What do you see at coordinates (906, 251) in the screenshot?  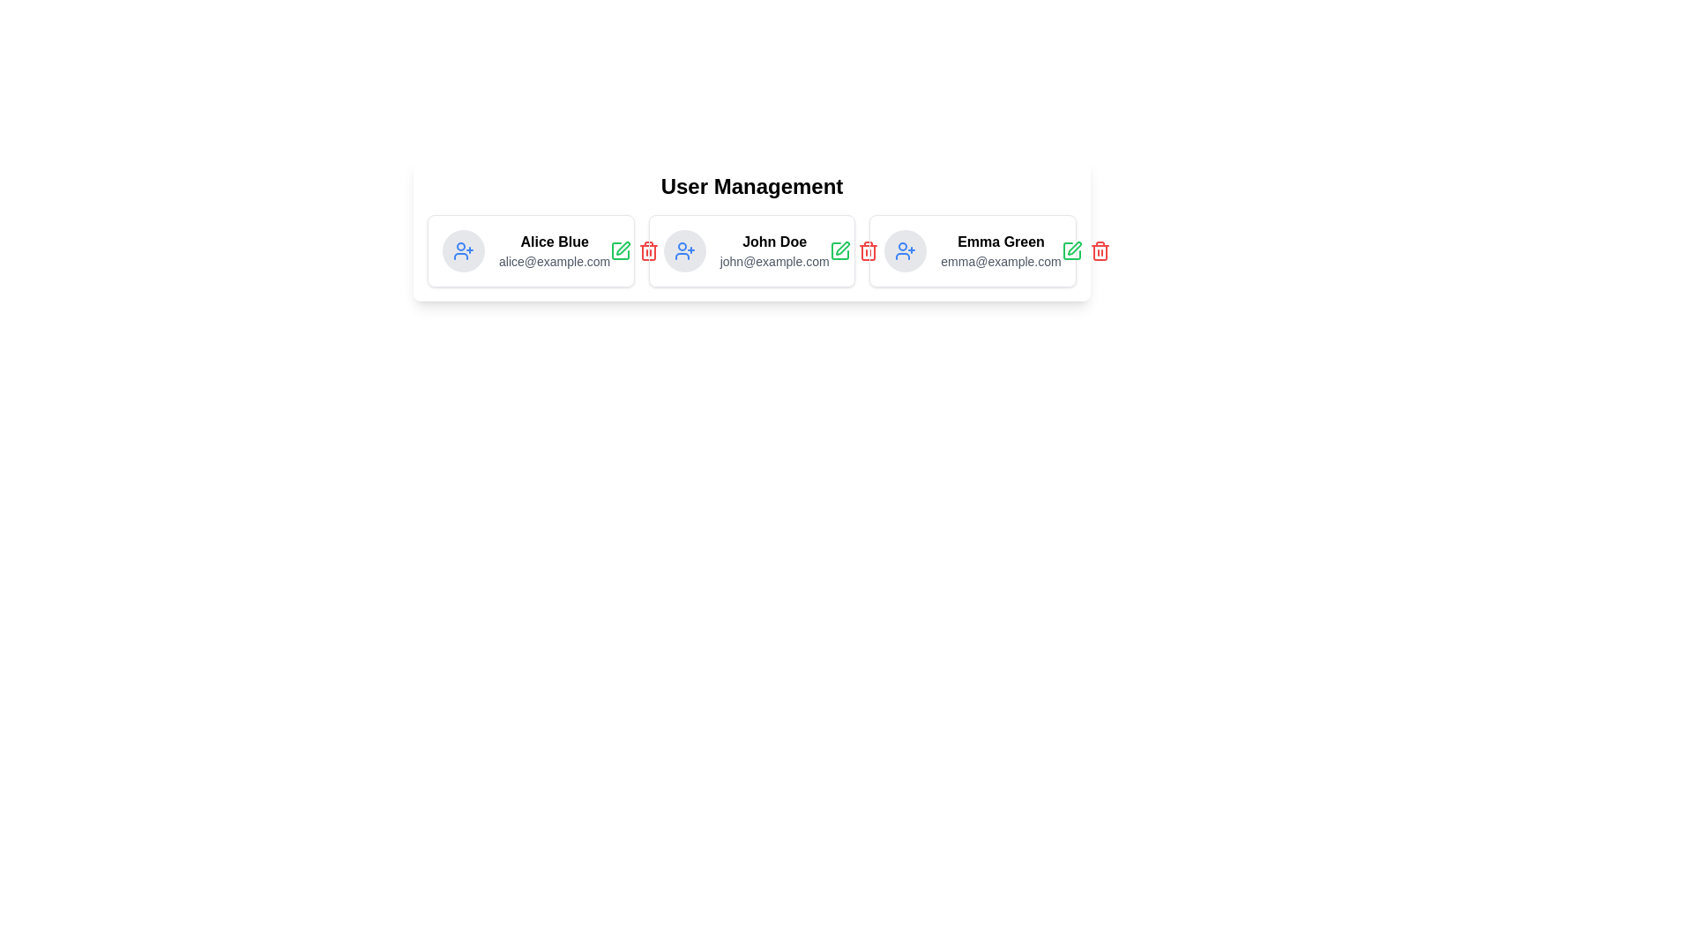 I see `the button located on the left side of the row displaying details about the user account for Emma Green` at bounding box center [906, 251].